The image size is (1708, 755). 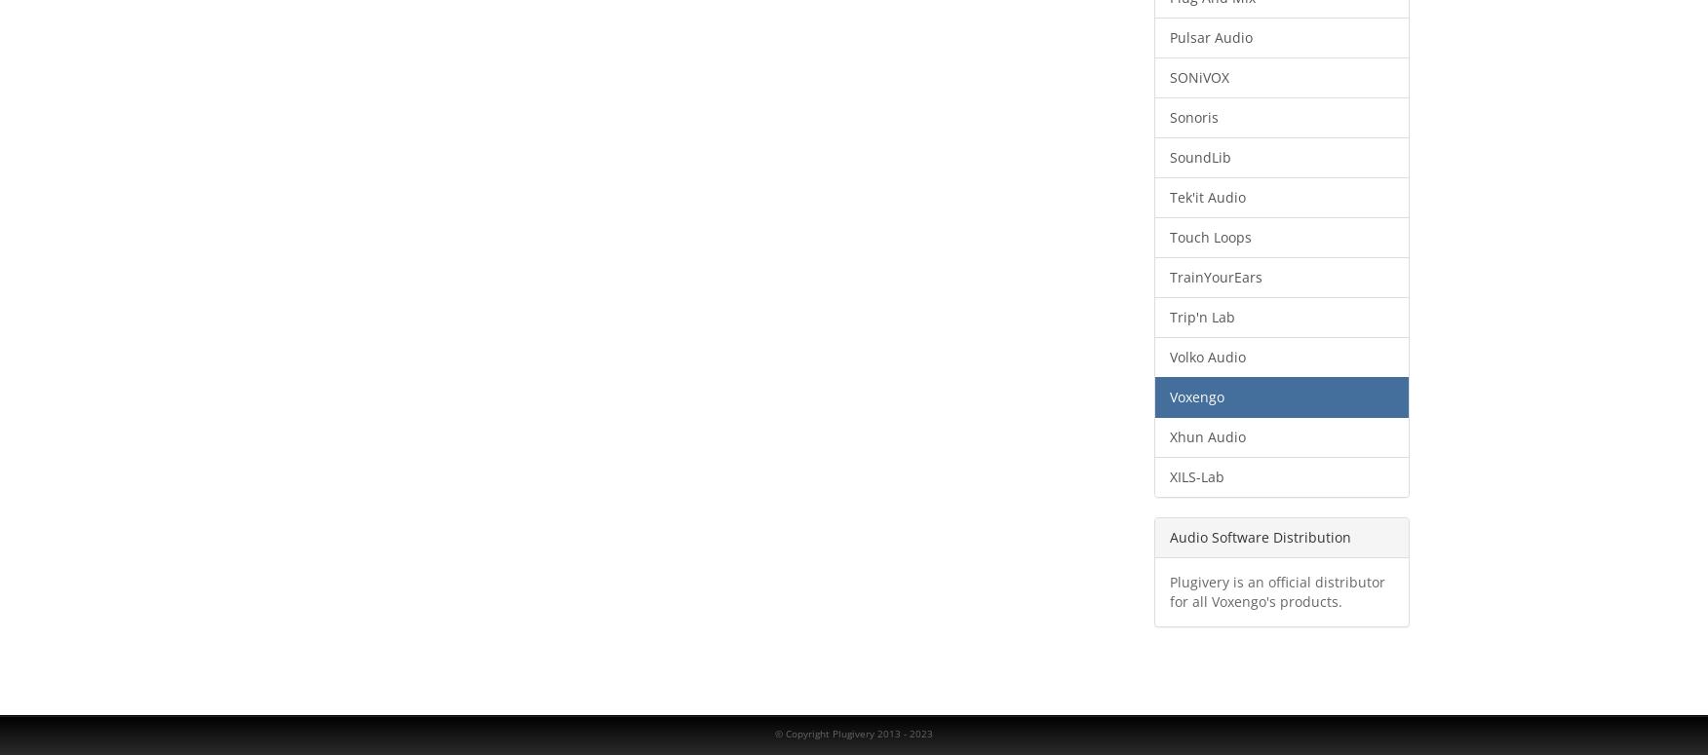 What do you see at coordinates (1195, 396) in the screenshot?
I see `'Voxengo'` at bounding box center [1195, 396].